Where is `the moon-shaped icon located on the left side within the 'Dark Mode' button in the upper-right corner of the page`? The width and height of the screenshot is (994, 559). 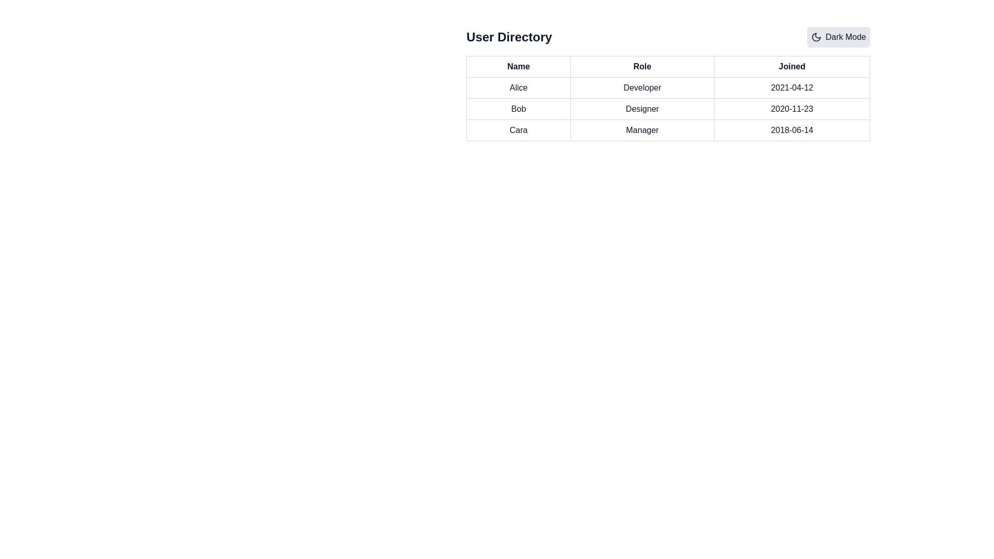
the moon-shaped icon located on the left side within the 'Dark Mode' button in the upper-right corner of the page is located at coordinates (815, 37).